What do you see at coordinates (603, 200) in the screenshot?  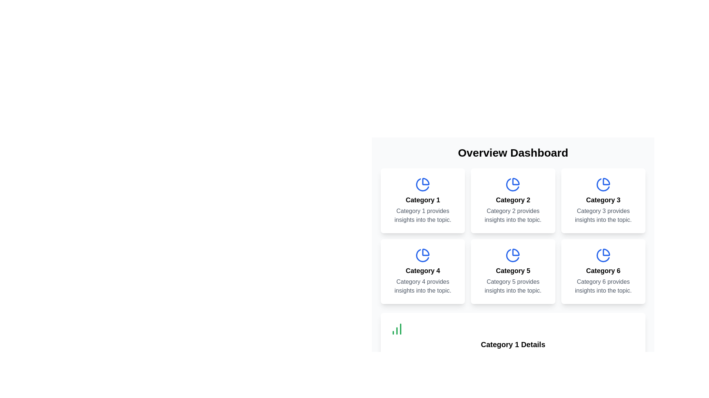 I see `the third informational card in the top row of the grid layout` at bounding box center [603, 200].